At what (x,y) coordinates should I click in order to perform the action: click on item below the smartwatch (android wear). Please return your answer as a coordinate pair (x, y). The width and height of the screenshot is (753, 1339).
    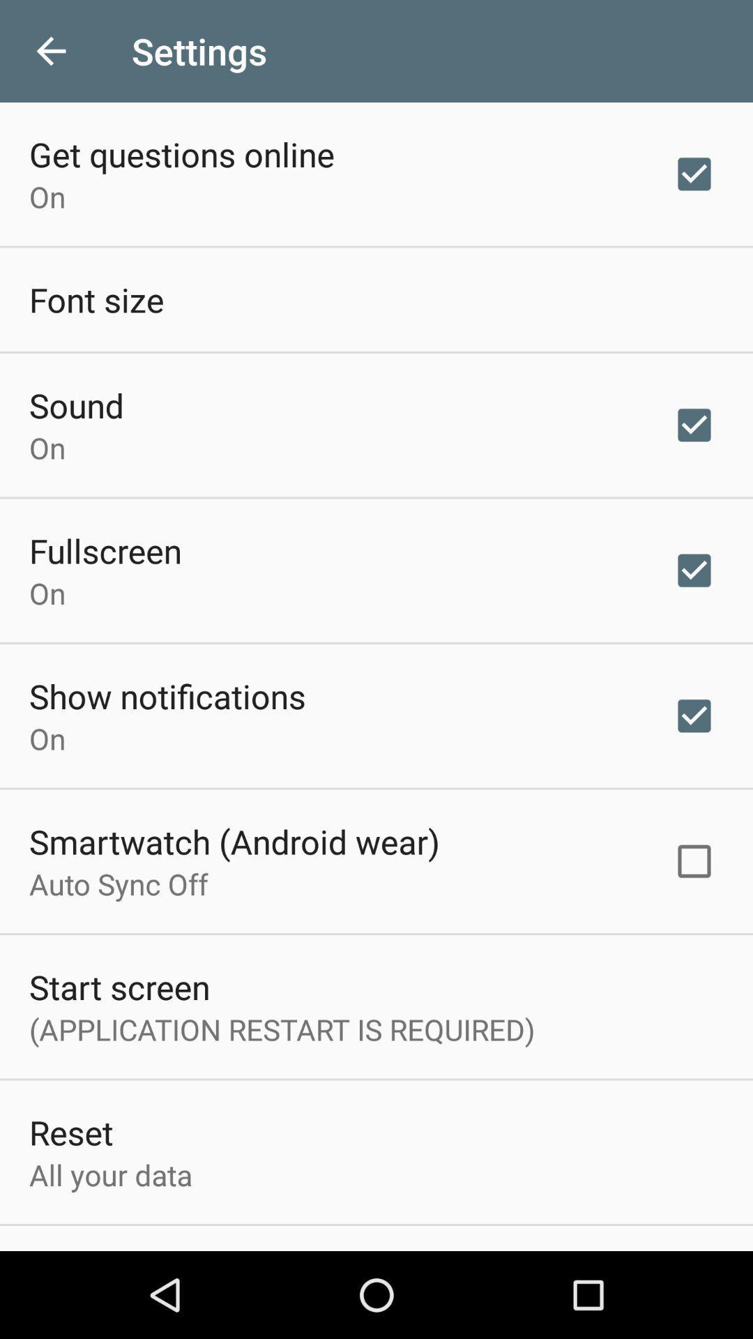
    Looking at the image, I should click on (118, 883).